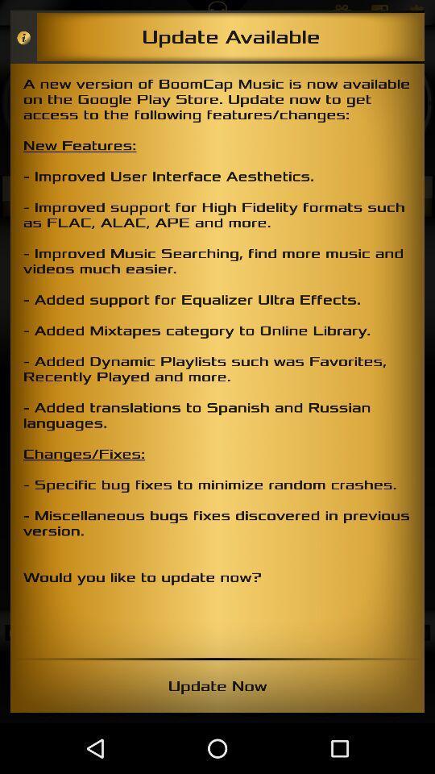  I want to click on the item below update available icon, so click(217, 360).